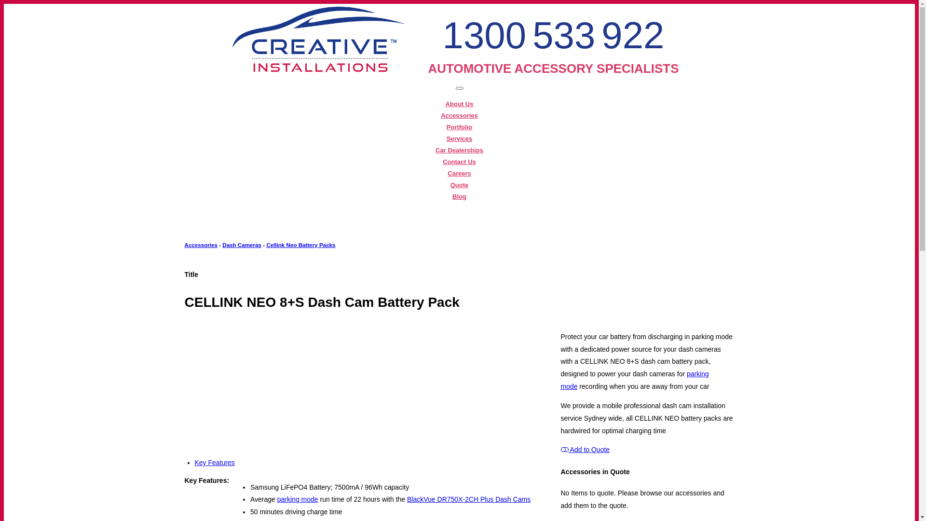 The image size is (926, 521). I want to click on '1300 533 922', so click(553, 35).